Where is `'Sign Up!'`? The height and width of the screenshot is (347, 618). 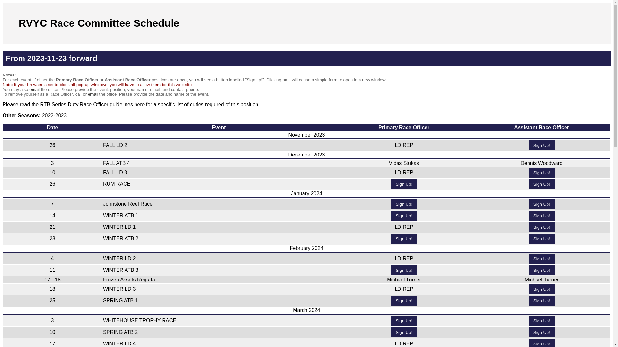
'Sign Up!' is located at coordinates (541, 172).